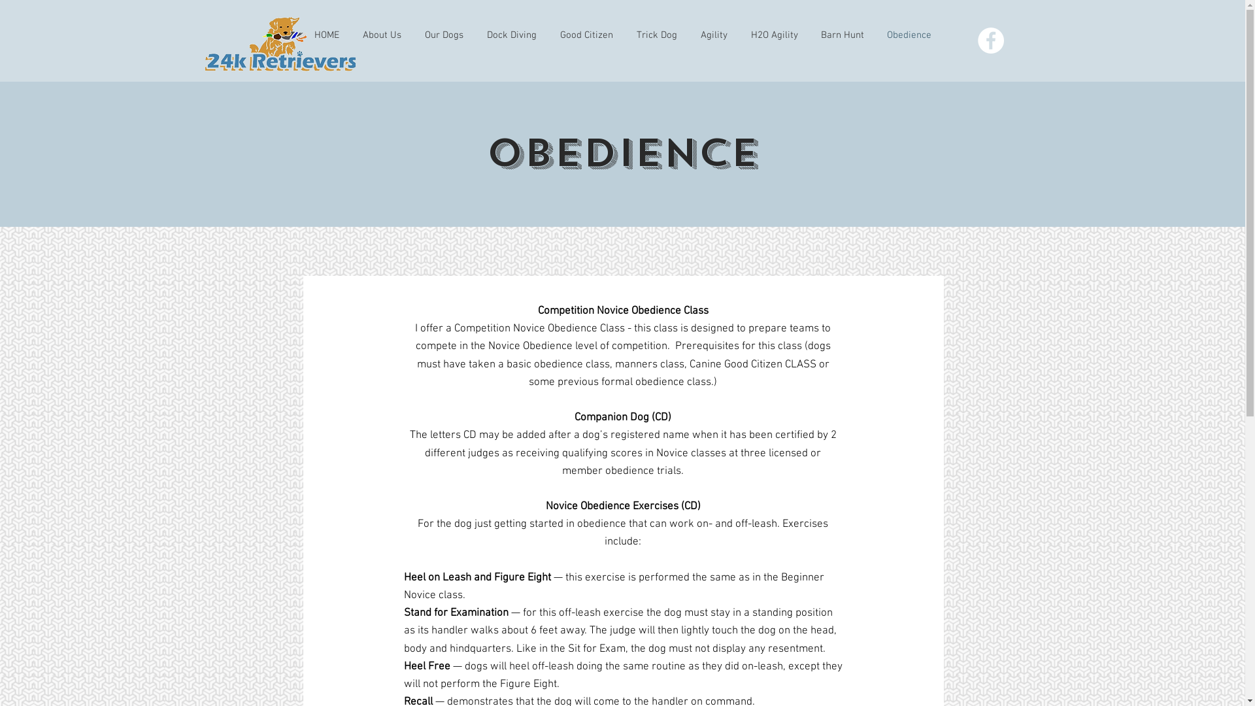 This screenshot has height=706, width=1255. I want to click on 'Barn Hunt', so click(842, 35).